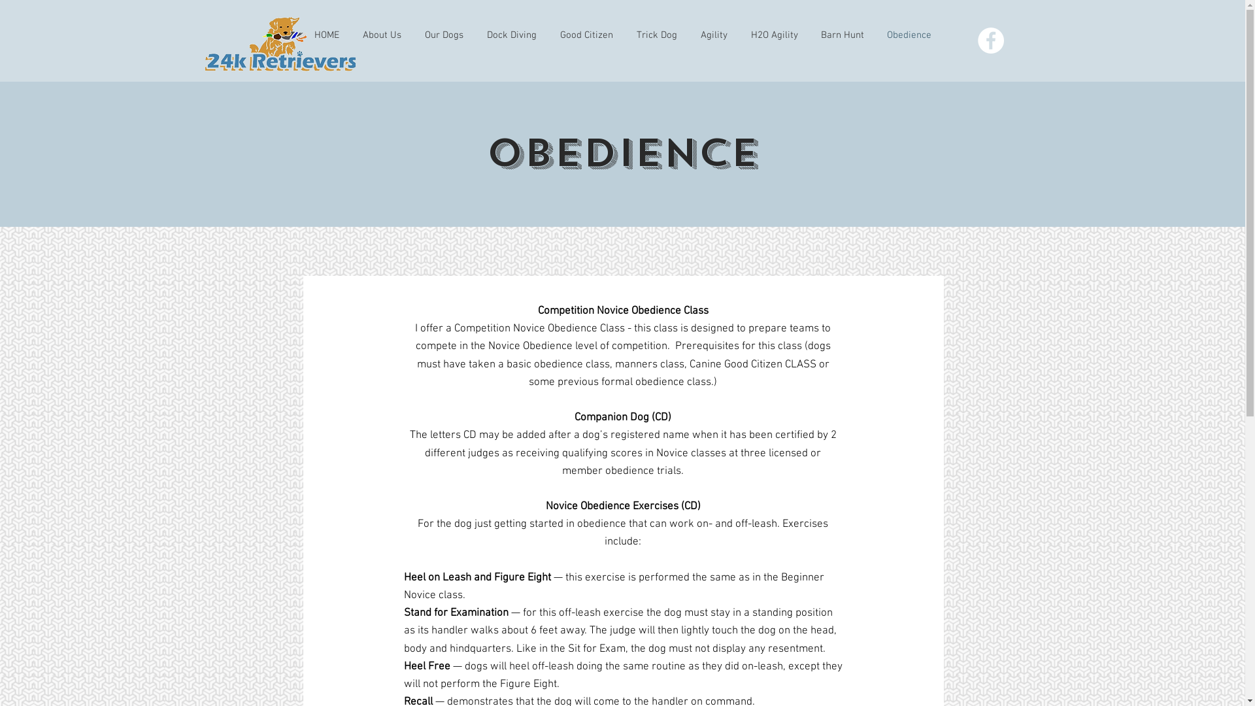 This screenshot has height=706, width=1255. I want to click on 'Barn Hunt', so click(842, 35).